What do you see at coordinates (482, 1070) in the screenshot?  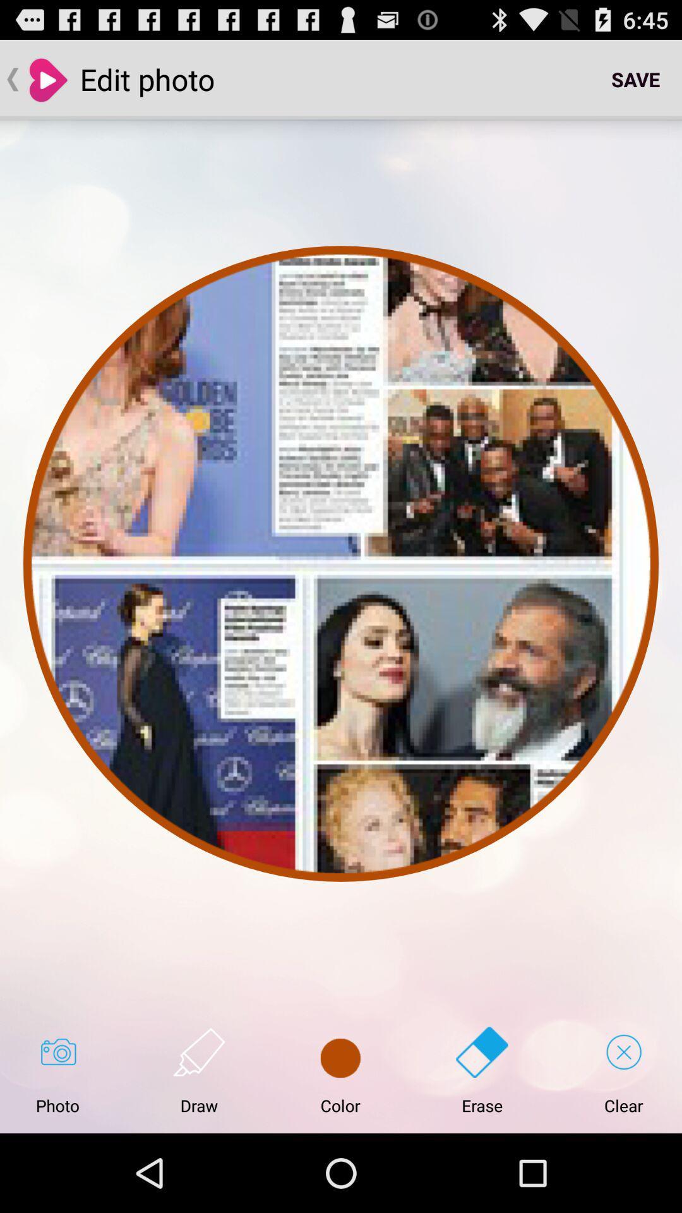 I see `icon to the right of the color button` at bounding box center [482, 1070].